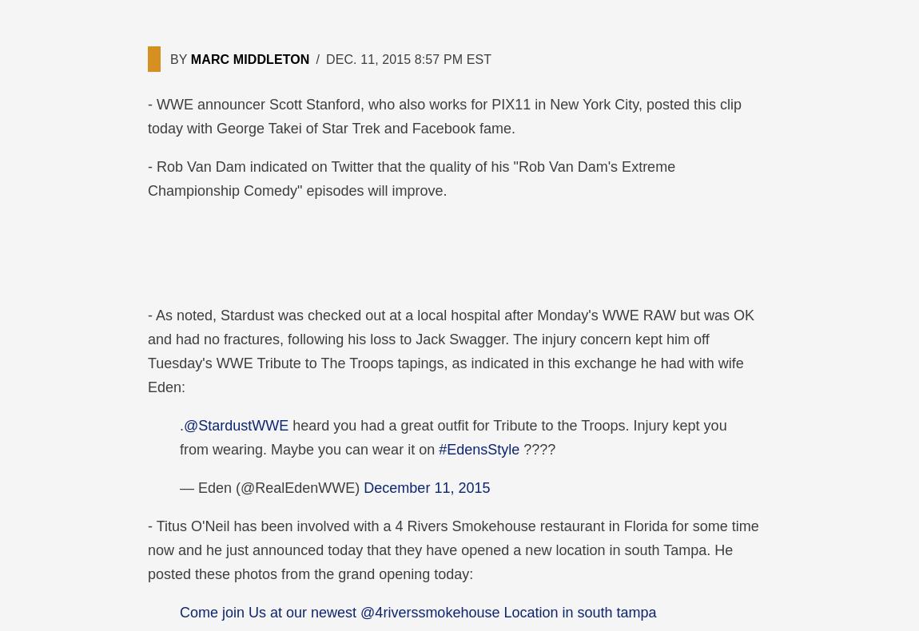 The height and width of the screenshot is (631, 919). What do you see at coordinates (452, 550) in the screenshot?
I see `'- Titus O'Neil has been involved with a 4 Rivers Smokehouse restaurant in Florida for some time now and he just announced today that they have opened a new location in south Tampa. He posted these photos from the grand opening today:'` at bounding box center [452, 550].